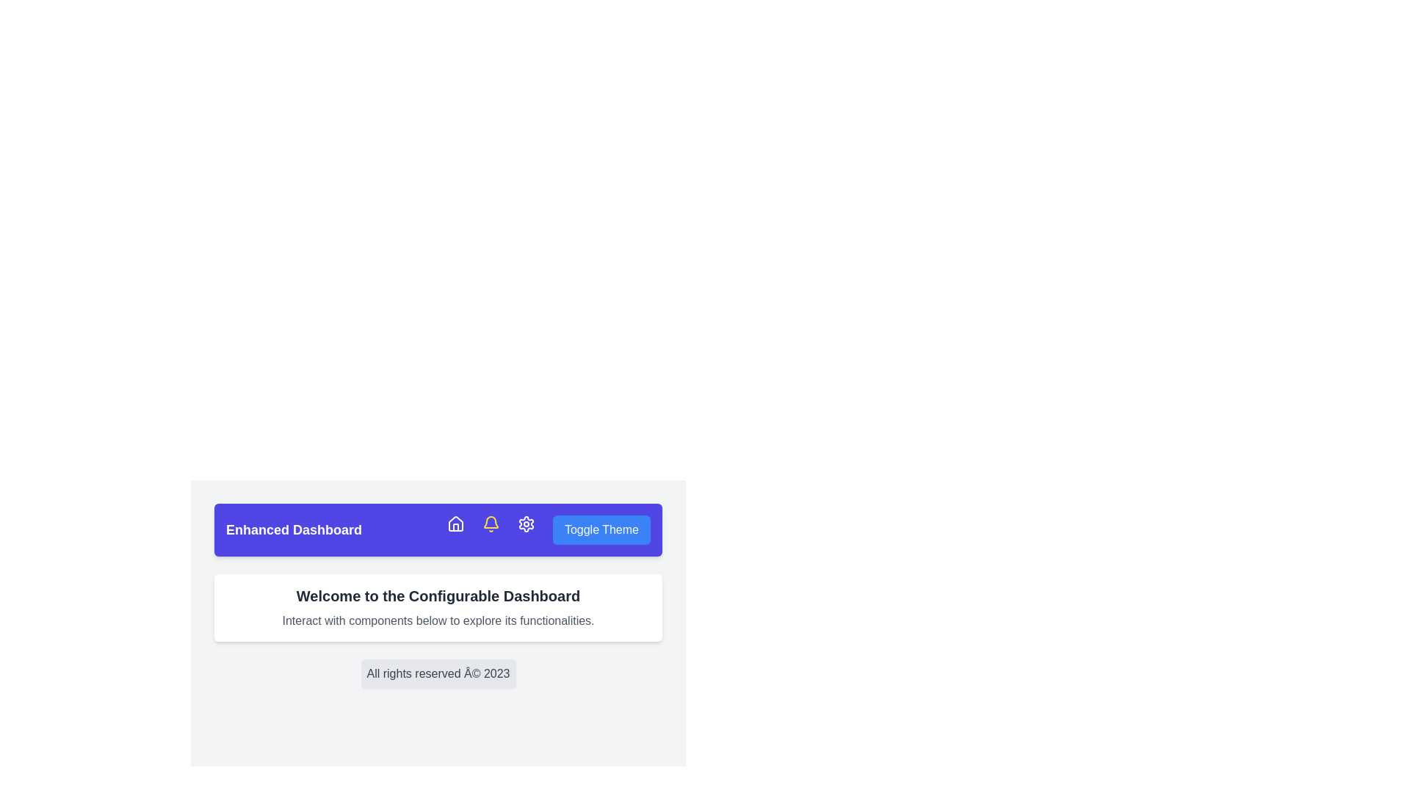 The height and width of the screenshot is (793, 1410). Describe the element at coordinates (455, 523) in the screenshot. I see `the interactive icon in the navigation bar, which serves as a link to return to the homepage or dashboard` at that location.